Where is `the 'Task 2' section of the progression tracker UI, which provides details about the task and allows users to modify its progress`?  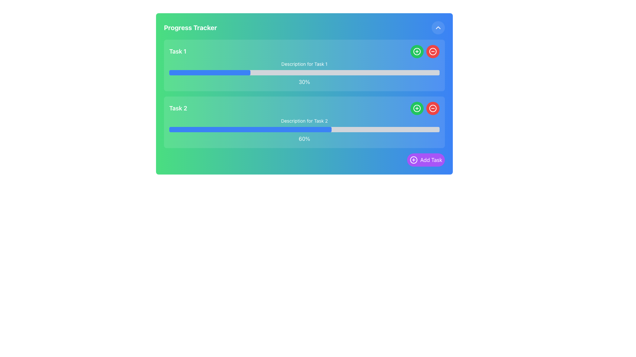 the 'Task 2' section of the progression tracker UI, which provides details about the task and allows users to modify its progress is located at coordinates (304, 122).